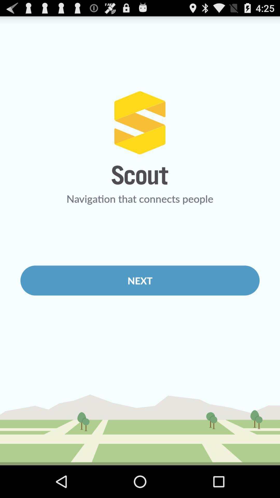  Describe the element at coordinates (140, 280) in the screenshot. I see `next icon` at that location.